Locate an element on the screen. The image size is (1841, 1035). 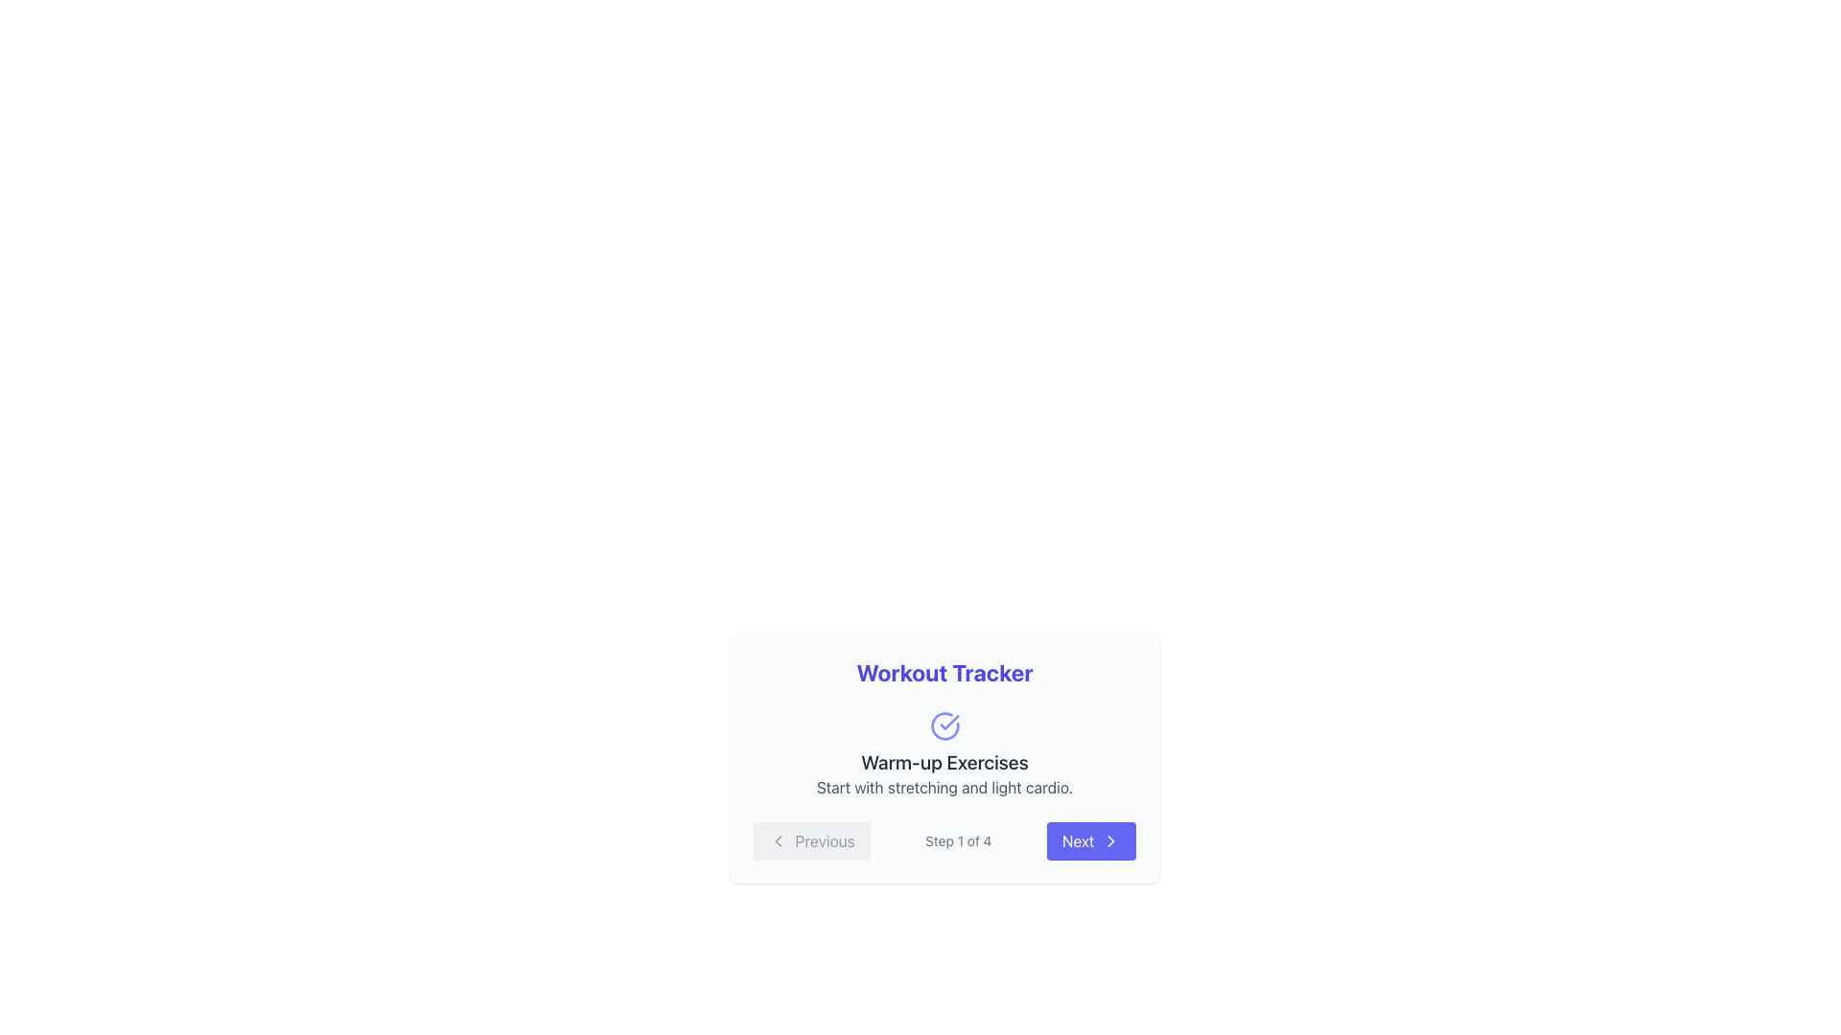
the status icon in the workout tracking interface located between the 'Workout Tracker' title and 'Warm-up Exercises' subtitle is located at coordinates (944, 726).